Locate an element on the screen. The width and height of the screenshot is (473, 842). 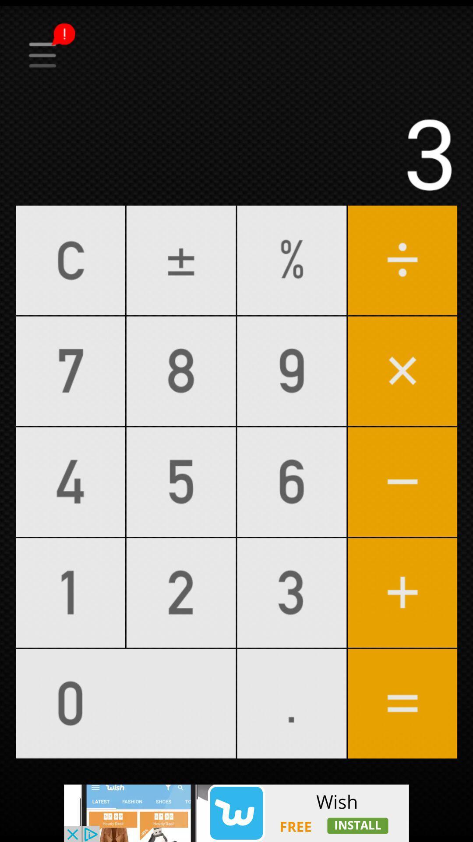
na is located at coordinates (236, 27).